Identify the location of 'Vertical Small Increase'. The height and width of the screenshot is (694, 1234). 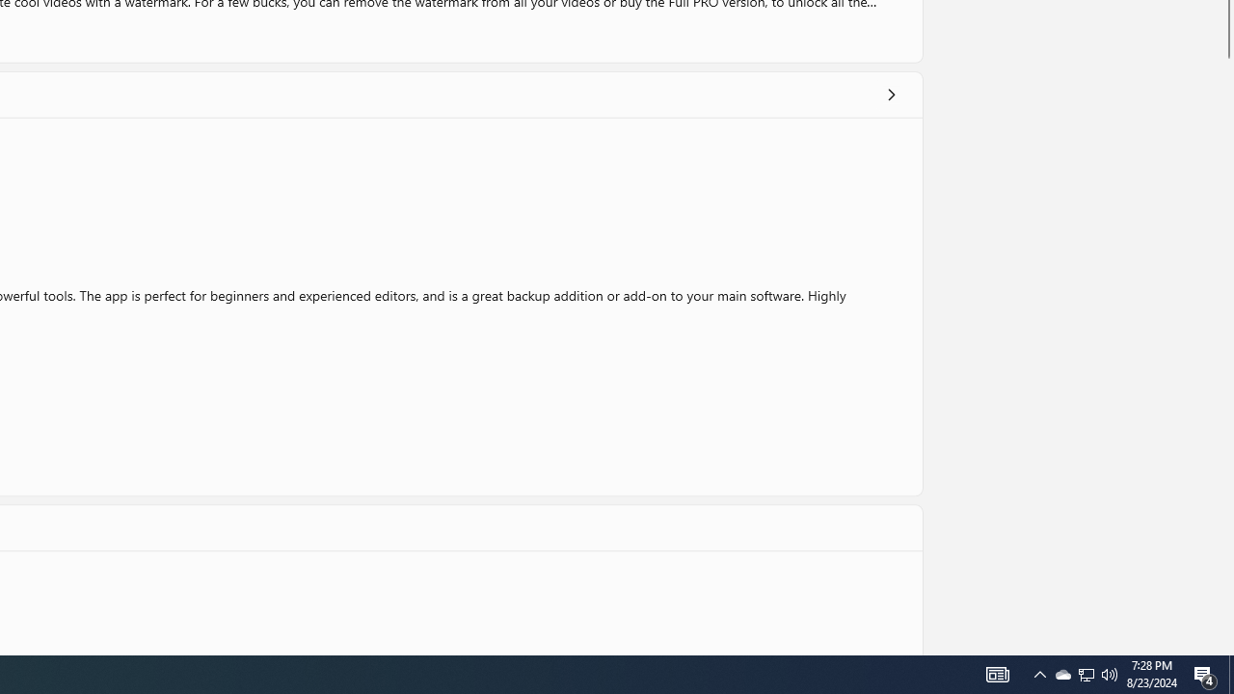
(1225, 648).